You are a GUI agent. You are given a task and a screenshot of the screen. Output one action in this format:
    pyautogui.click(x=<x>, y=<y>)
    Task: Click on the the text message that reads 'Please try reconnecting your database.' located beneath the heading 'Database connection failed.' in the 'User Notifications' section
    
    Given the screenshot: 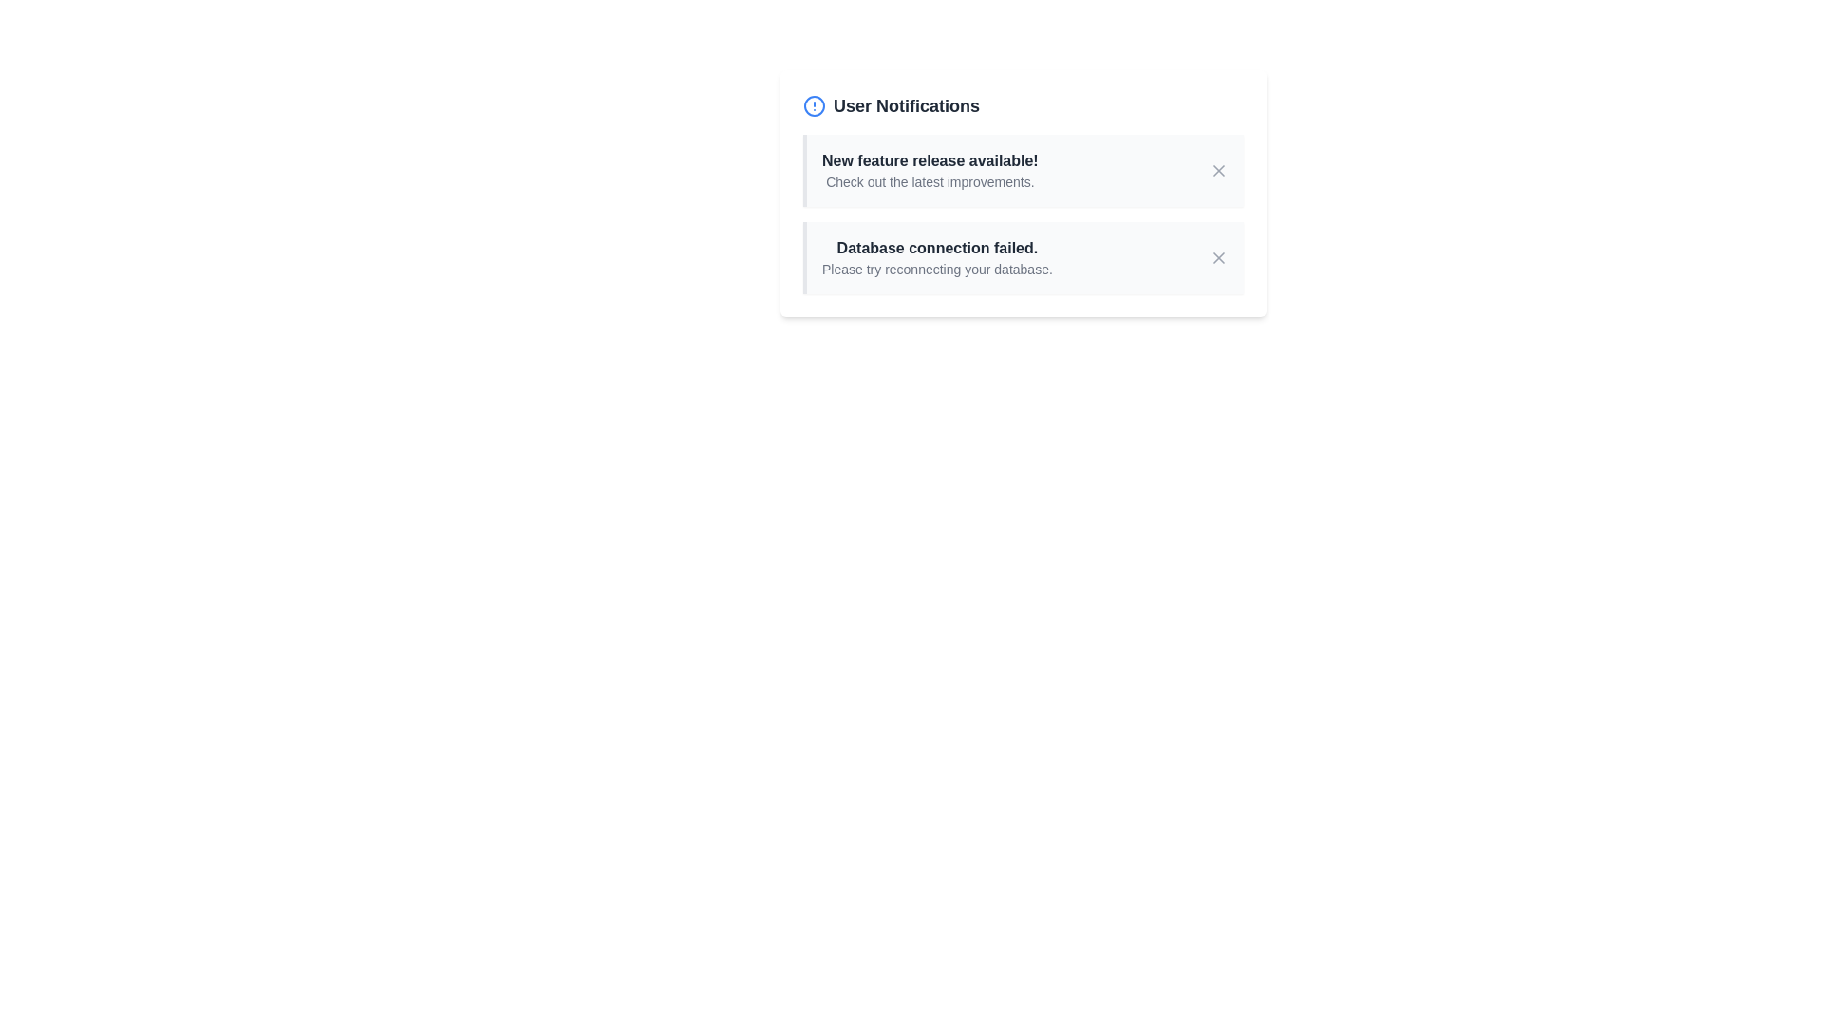 What is the action you would take?
    pyautogui.click(x=937, y=270)
    